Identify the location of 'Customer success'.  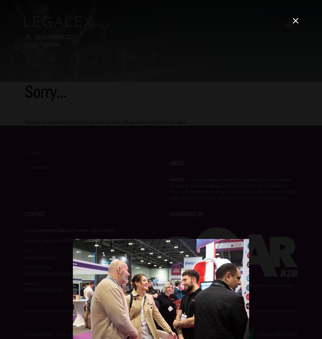
(24, 267).